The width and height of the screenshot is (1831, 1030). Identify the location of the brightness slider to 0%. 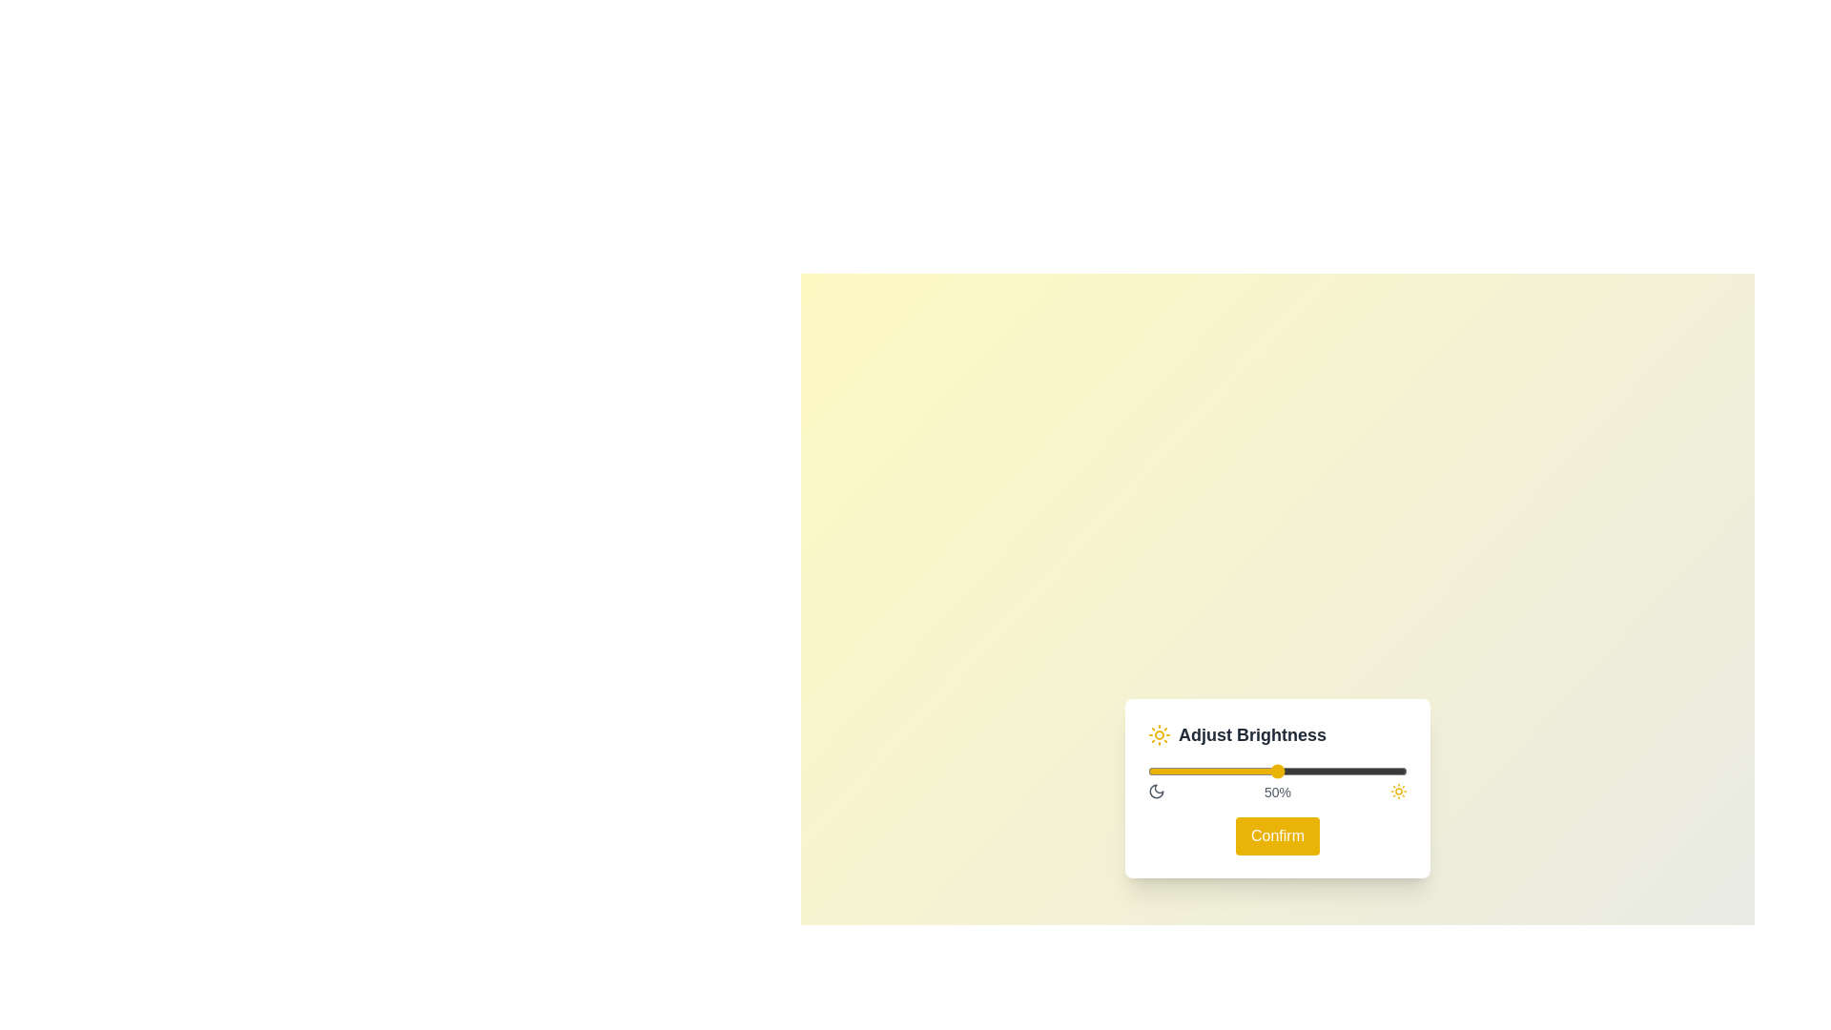
(1147, 763).